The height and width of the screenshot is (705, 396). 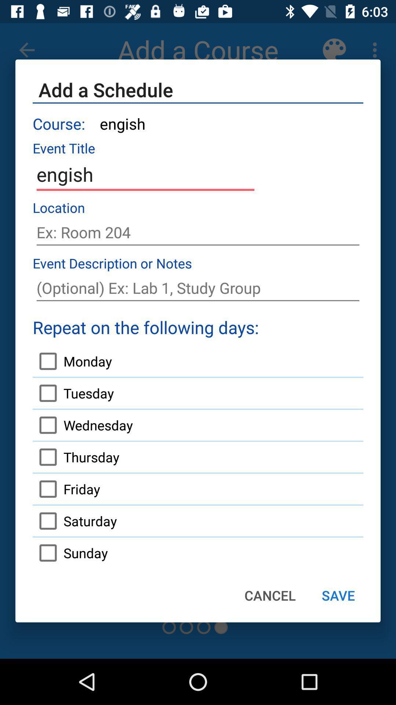 I want to click on sunday item, so click(x=70, y=553).